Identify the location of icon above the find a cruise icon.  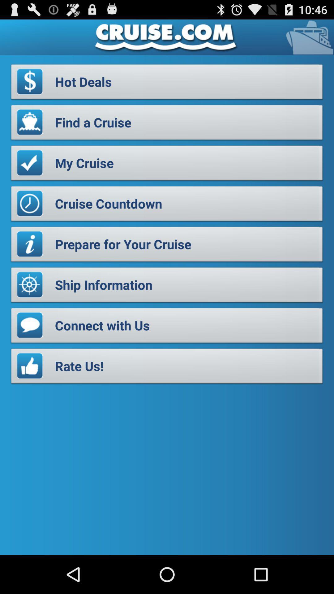
(167, 83).